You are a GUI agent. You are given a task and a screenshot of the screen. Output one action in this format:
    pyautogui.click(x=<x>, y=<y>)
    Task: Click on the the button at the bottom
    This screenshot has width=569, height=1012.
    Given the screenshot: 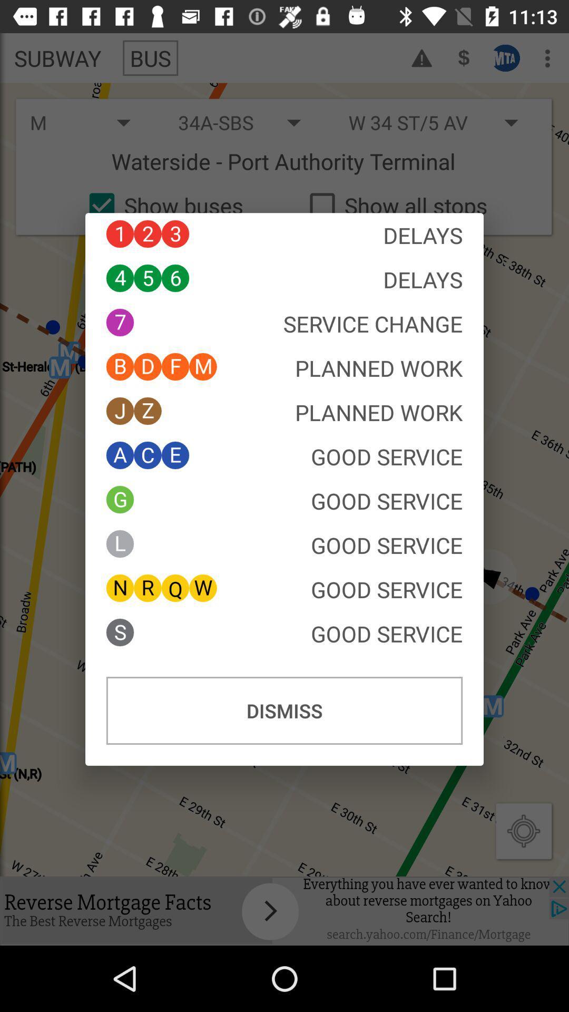 What is the action you would take?
    pyautogui.click(x=284, y=711)
    